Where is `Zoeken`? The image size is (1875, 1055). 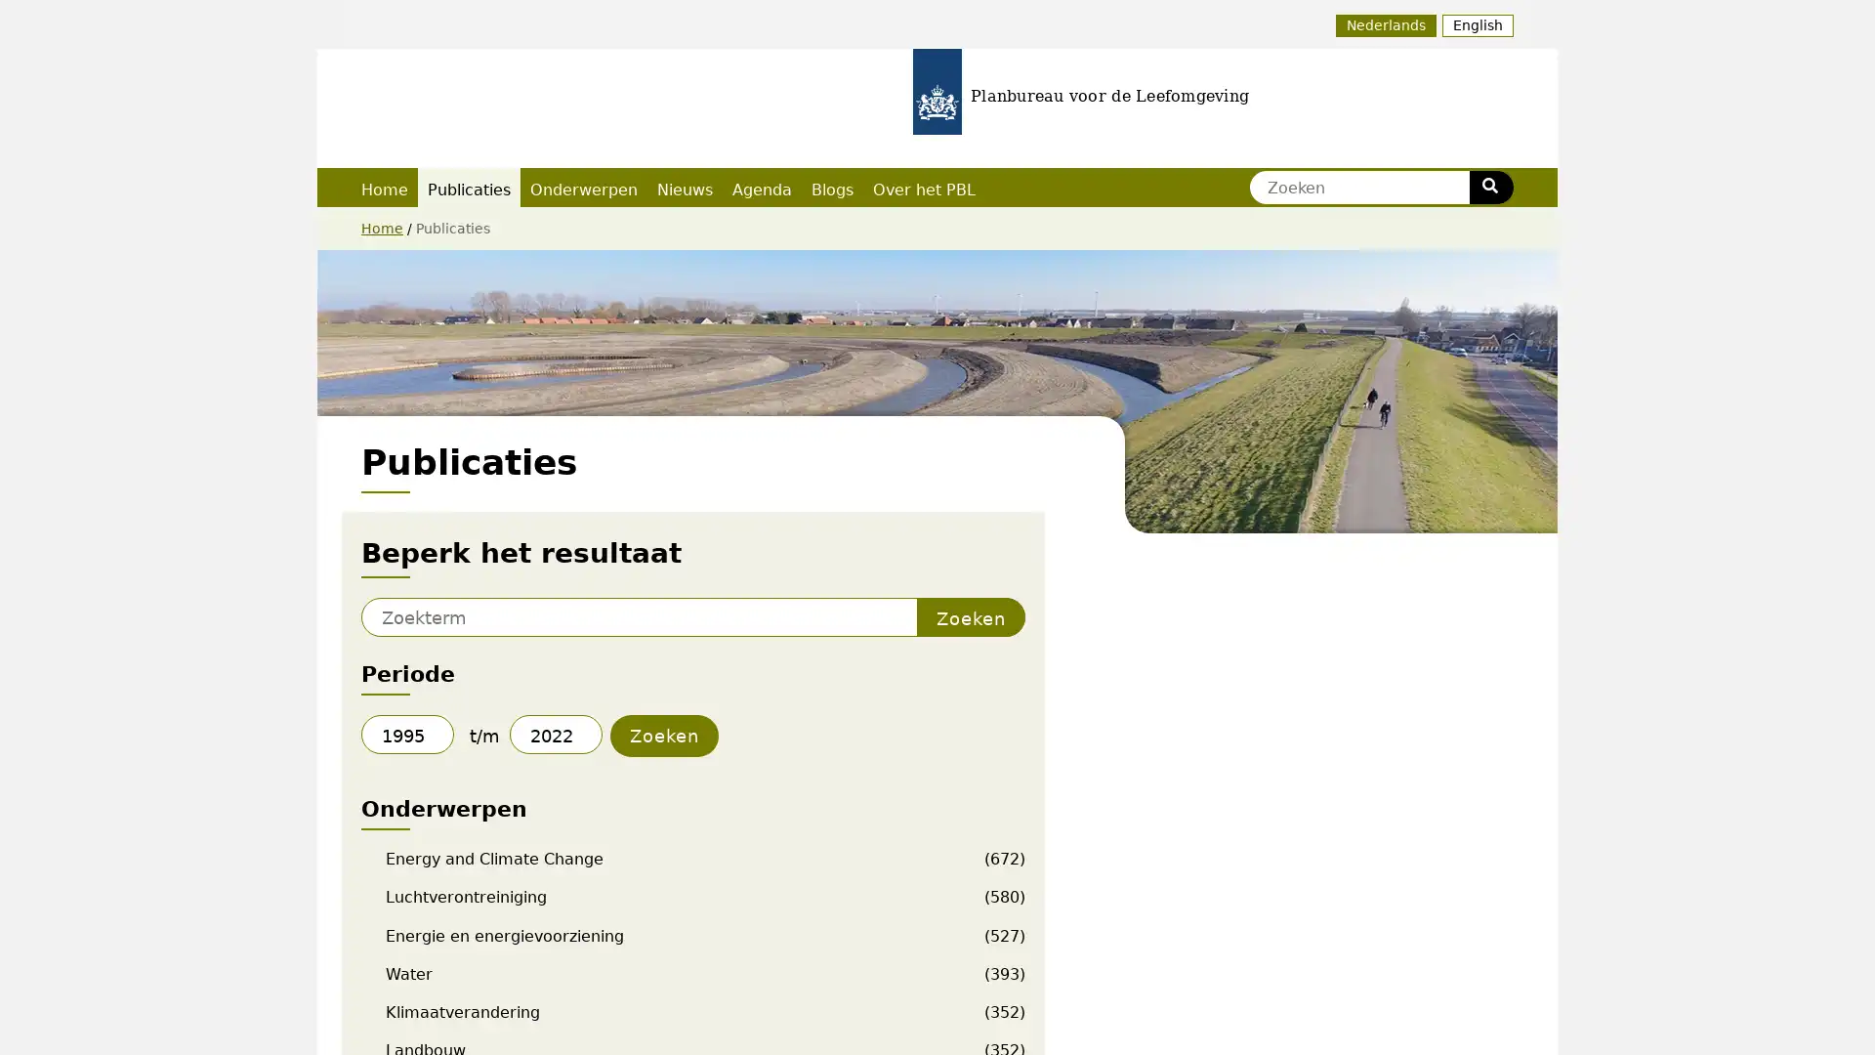
Zoeken is located at coordinates (1489, 188).